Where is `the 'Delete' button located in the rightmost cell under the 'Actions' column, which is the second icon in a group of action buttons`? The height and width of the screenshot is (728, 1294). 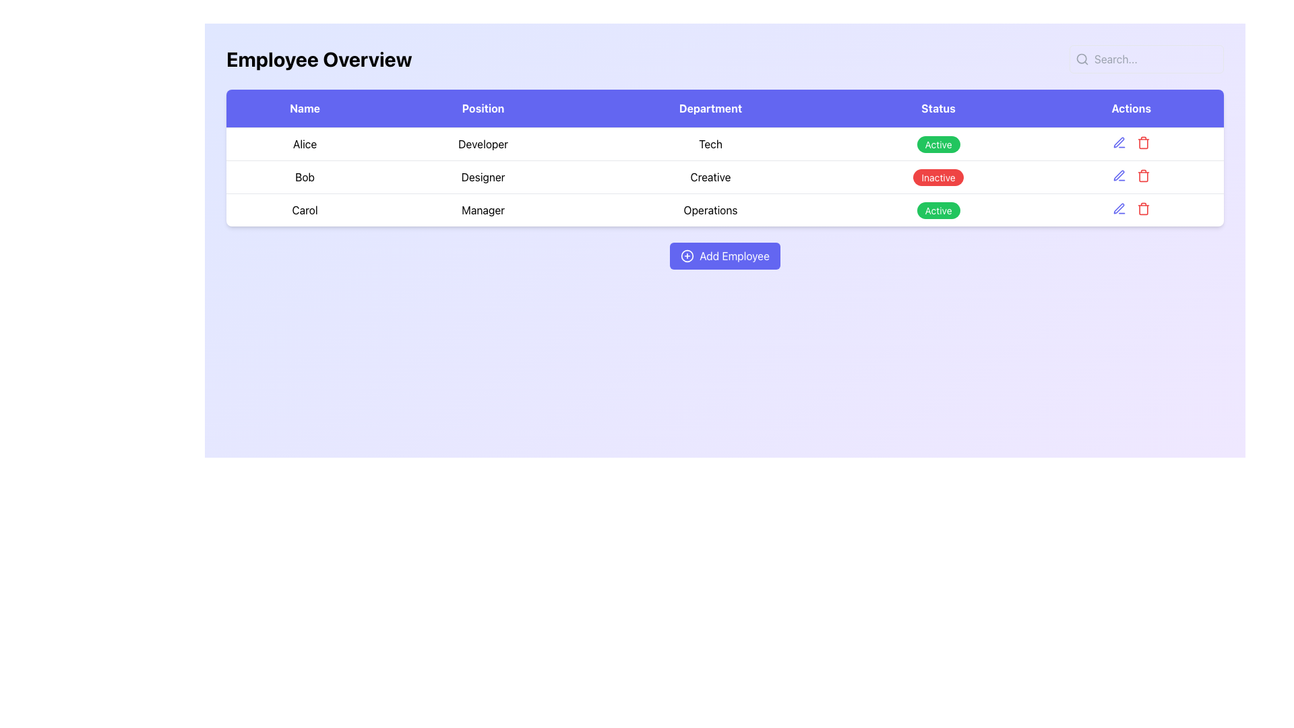
the 'Delete' button located in the rightmost cell under the 'Actions' column, which is the second icon in a group of action buttons is located at coordinates (1142, 143).